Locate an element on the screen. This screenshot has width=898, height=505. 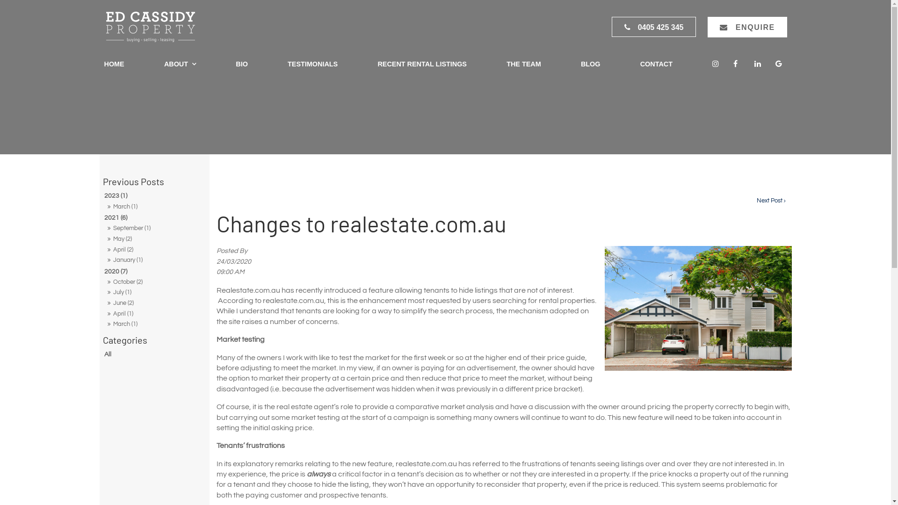
'April (2)' is located at coordinates (154, 250).